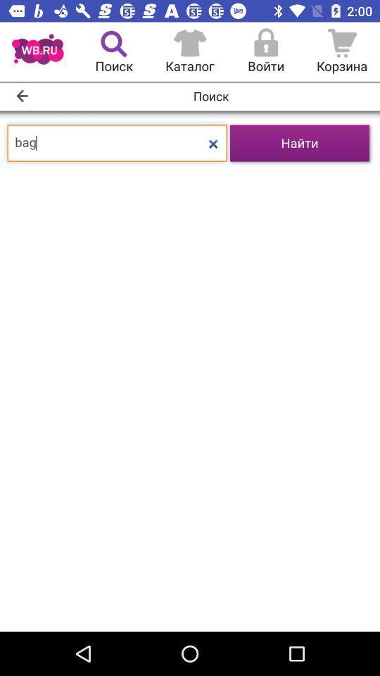 The height and width of the screenshot is (676, 380). I want to click on the lock icon, so click(266, 51).